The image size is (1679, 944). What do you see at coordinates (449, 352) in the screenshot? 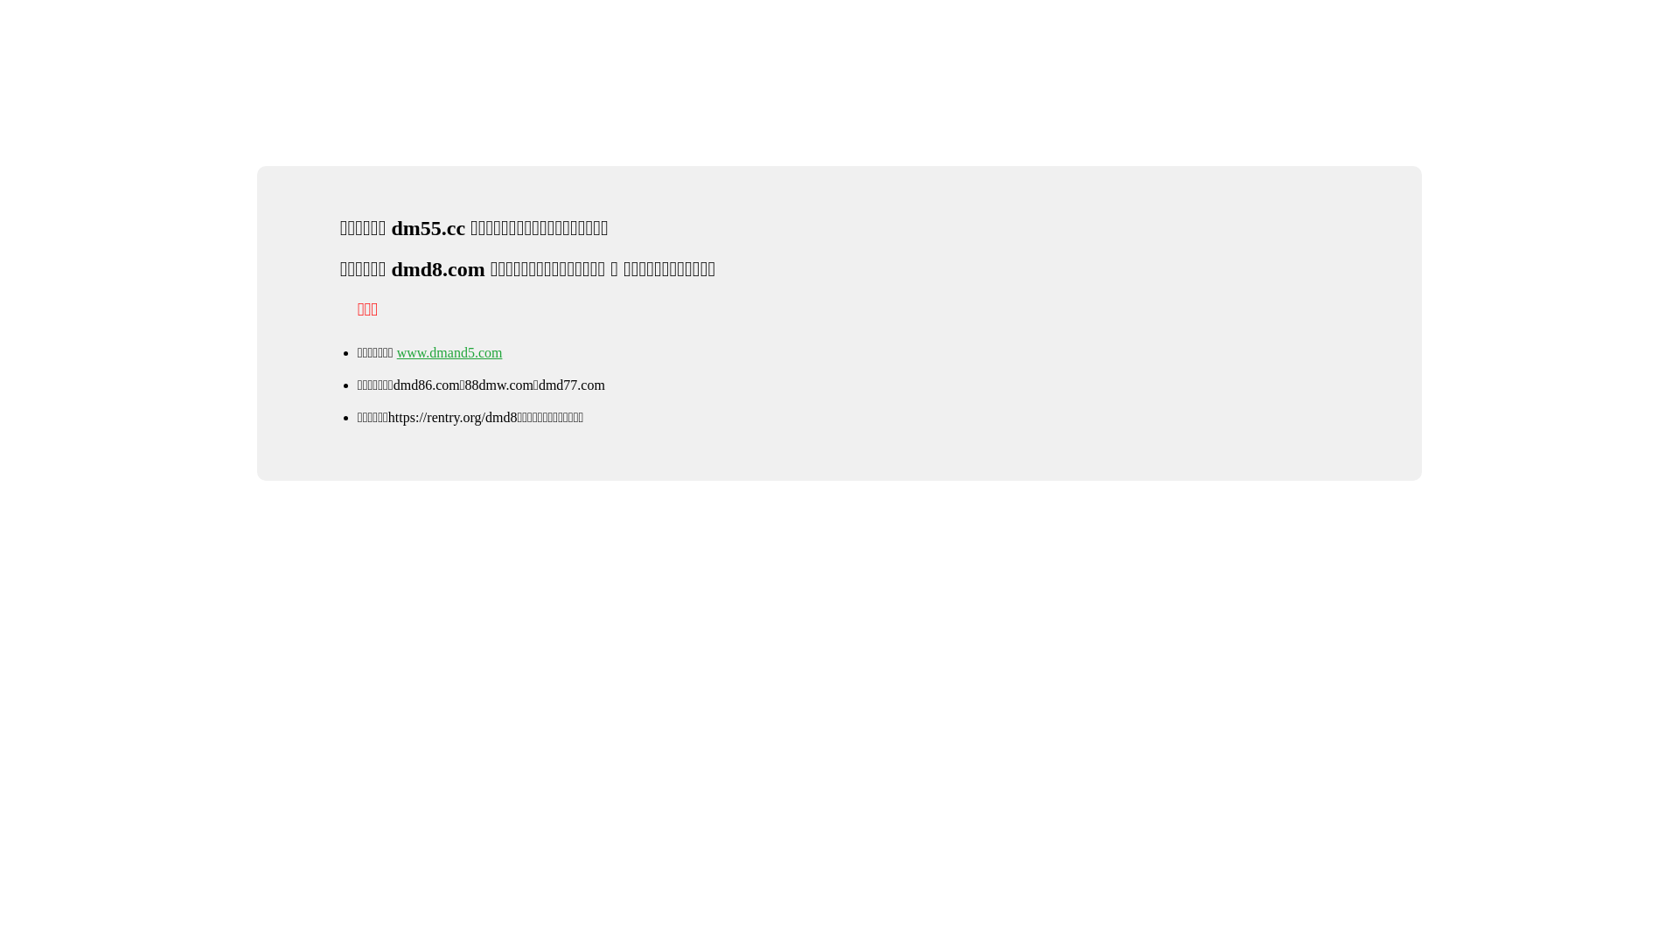
I see `'www.dmand5.com'` at bounding box center [449, 352].